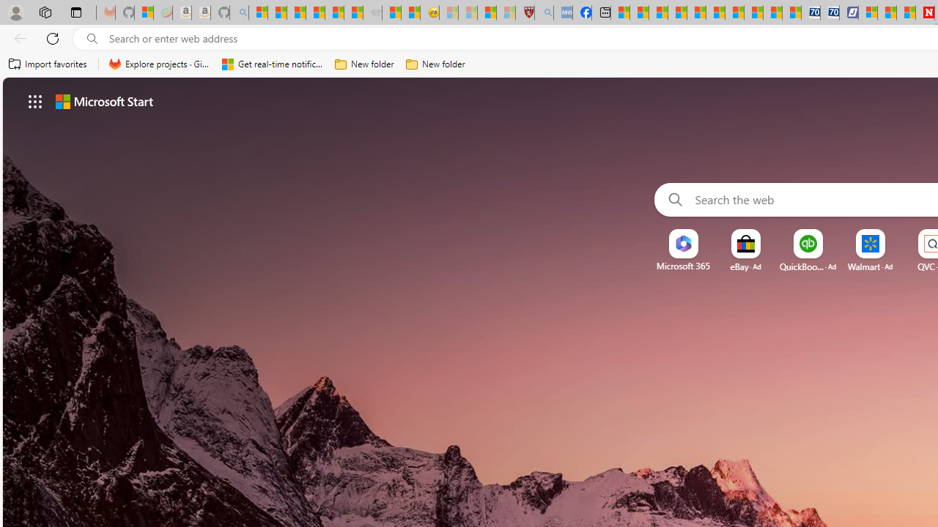  What do you see at coordinates (868, 12) in the screenshot?
I see `'Microsoft account | Privacy'` at bounding box center [868, 12].